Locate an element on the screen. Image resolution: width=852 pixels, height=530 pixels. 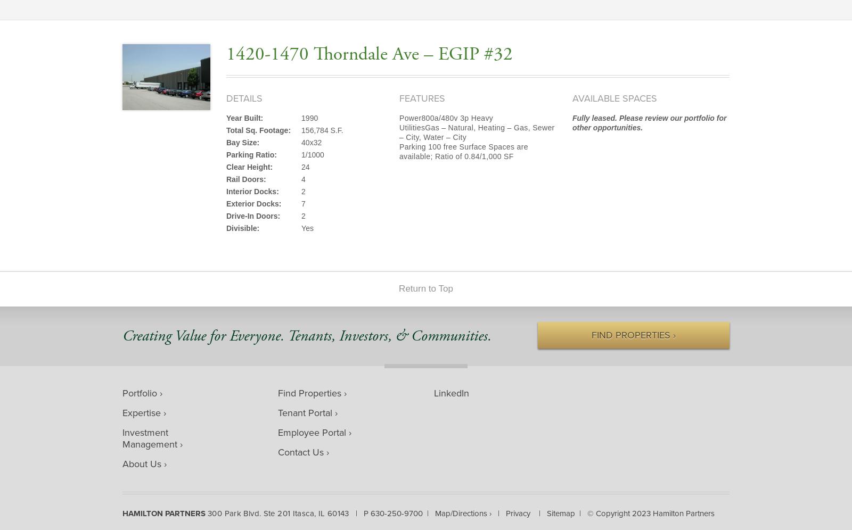
'Employee Portal' is located at coordinates (277, 432).